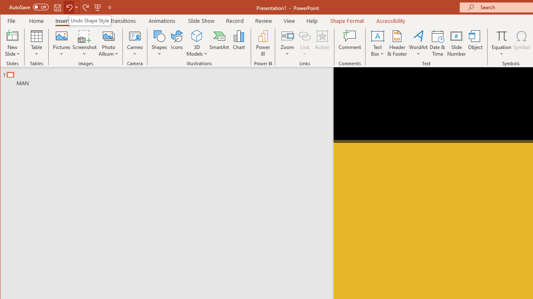 The image size is (533, 299). What do you see at coordinates (418, 43) in the screenshot?
I see `'WordArt'` at bounding box center [418, 43].